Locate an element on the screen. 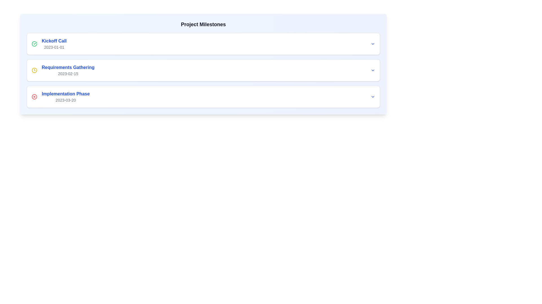 The image size is (542, 304). the 'Requirements Gathering' text display element, which is the second item in the 'Project Milestones' section, displaying 'Requirements Gathering' in bold blue and '2023-02-15' in smaller gray below it is located at coordinates (68, 70).